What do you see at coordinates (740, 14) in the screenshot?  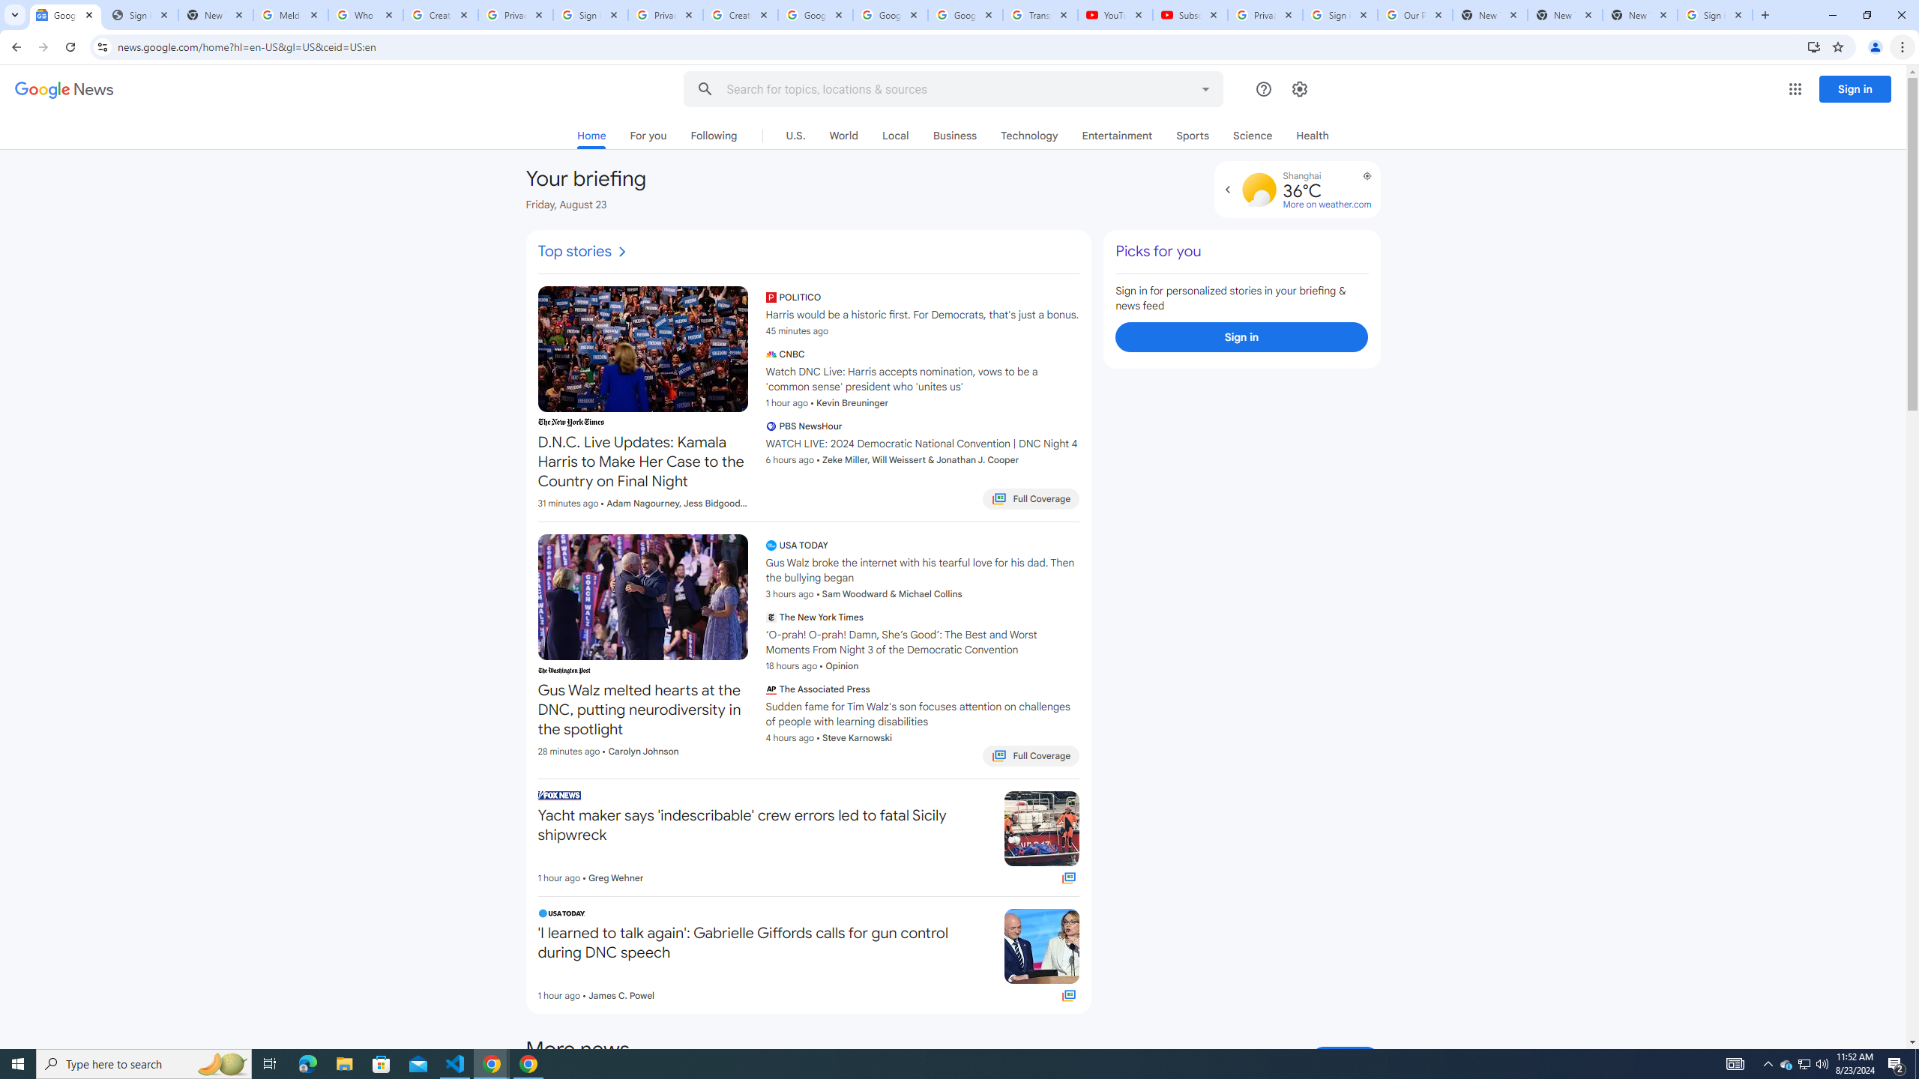 I see `'Create your Google Account'` at bounding box center [740, 14].